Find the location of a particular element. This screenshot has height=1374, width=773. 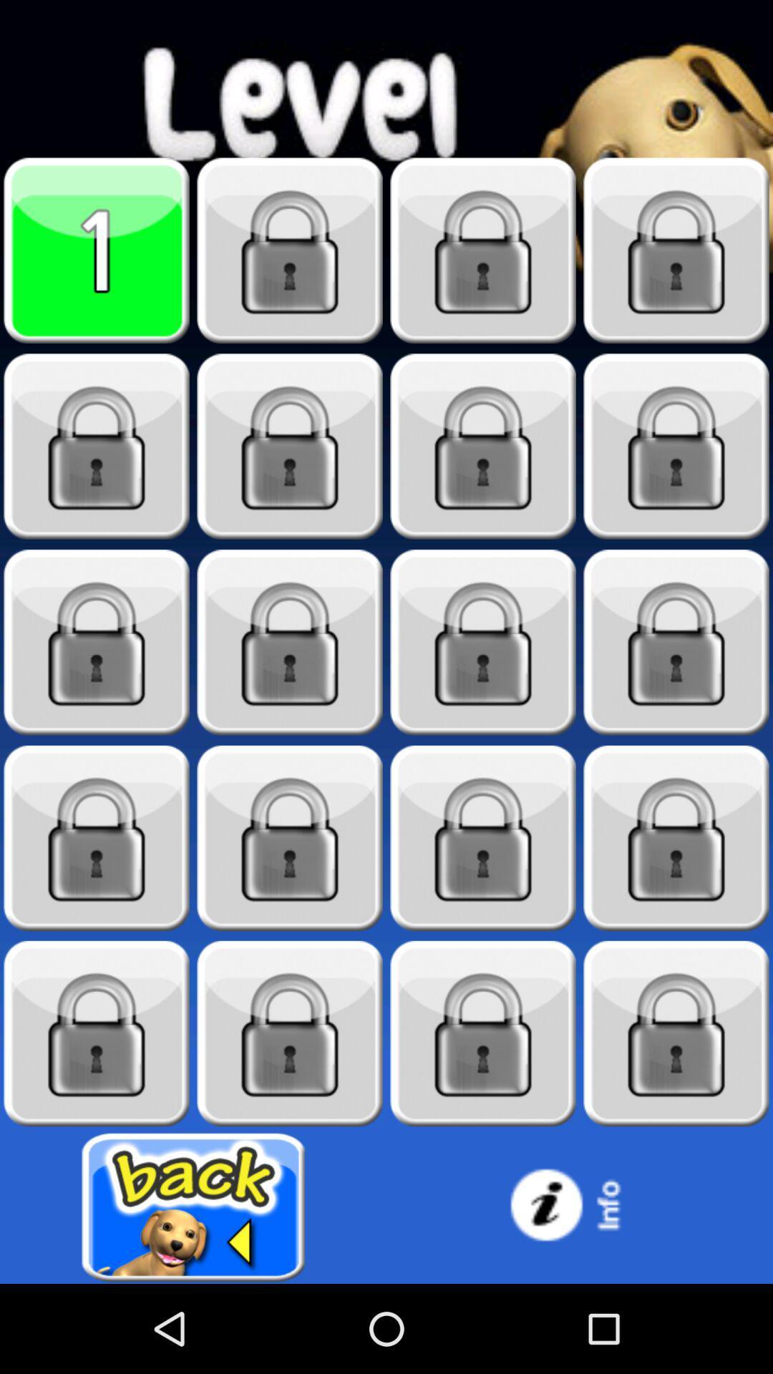

level selection is located at coordinates (676, 642).